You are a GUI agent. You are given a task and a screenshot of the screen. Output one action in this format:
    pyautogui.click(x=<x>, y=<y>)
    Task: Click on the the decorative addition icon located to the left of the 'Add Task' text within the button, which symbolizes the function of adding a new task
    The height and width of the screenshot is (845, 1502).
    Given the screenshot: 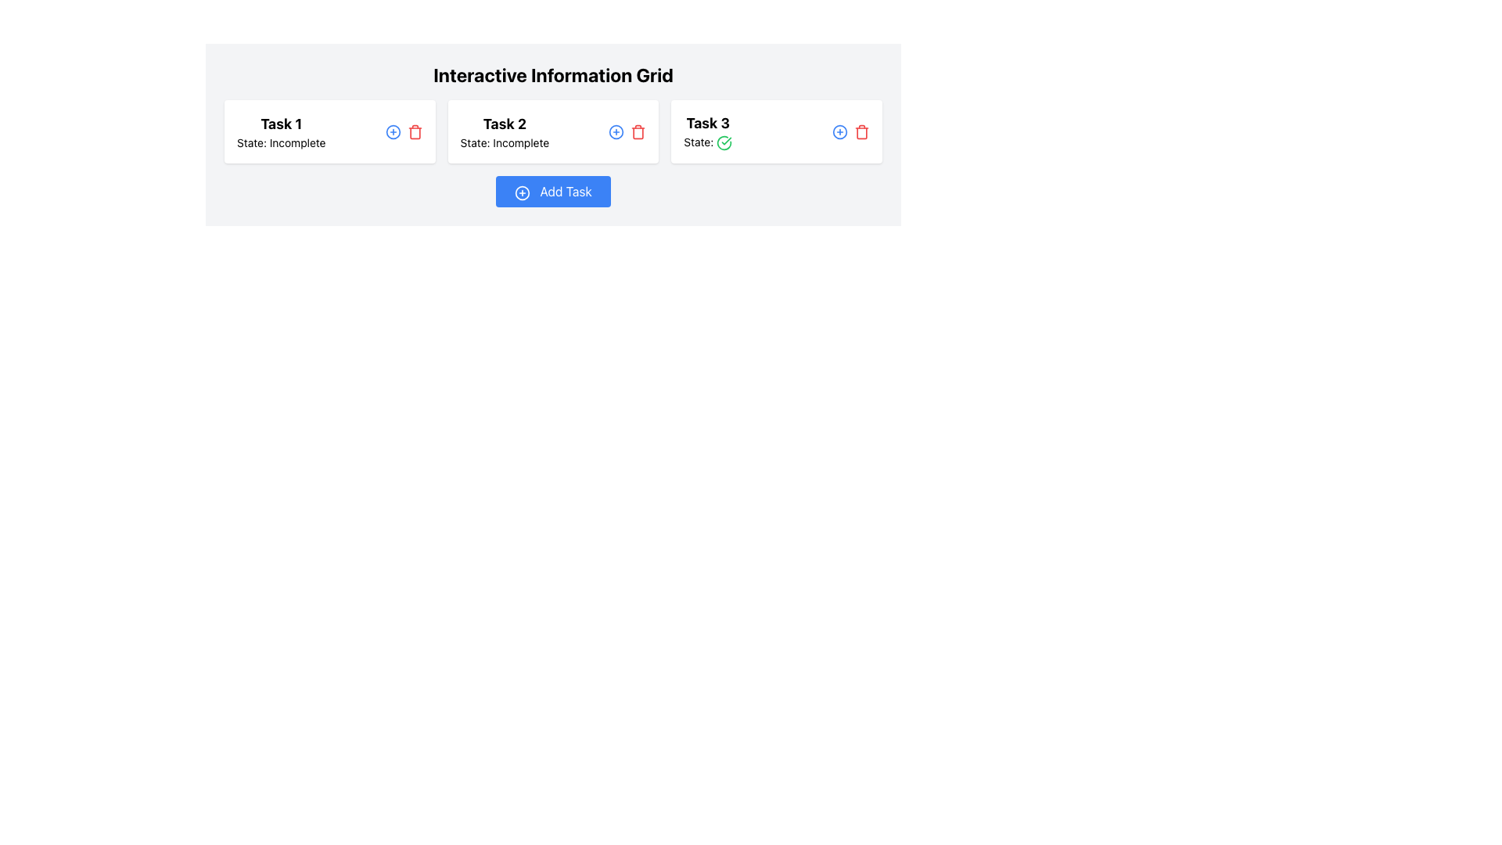 What is the action you would take?
    pyautogui.click(x=523, y=192)
    